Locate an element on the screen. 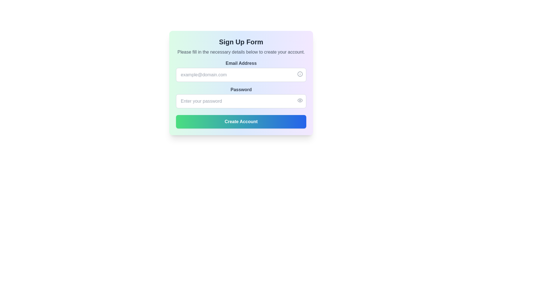 This screenshot has width=539, height=303. the circular SVG decorative component positioned at the rightmost side of the 'Email Address' input field is located at coordinates (300, 74).